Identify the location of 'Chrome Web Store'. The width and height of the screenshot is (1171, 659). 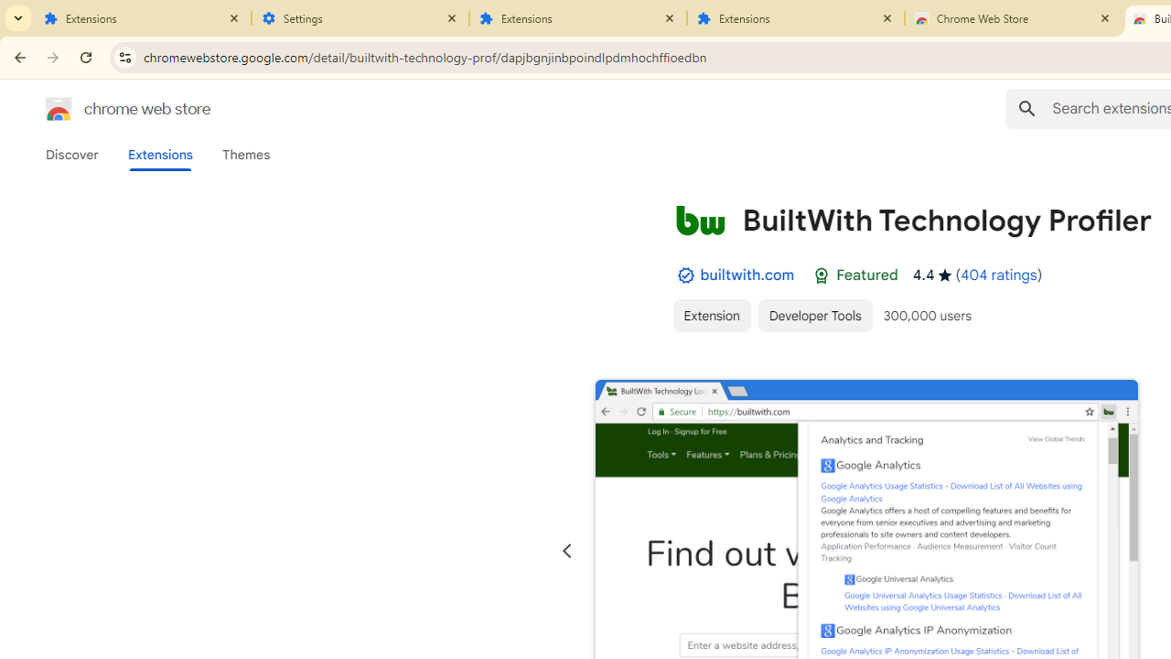
(1013, 18).